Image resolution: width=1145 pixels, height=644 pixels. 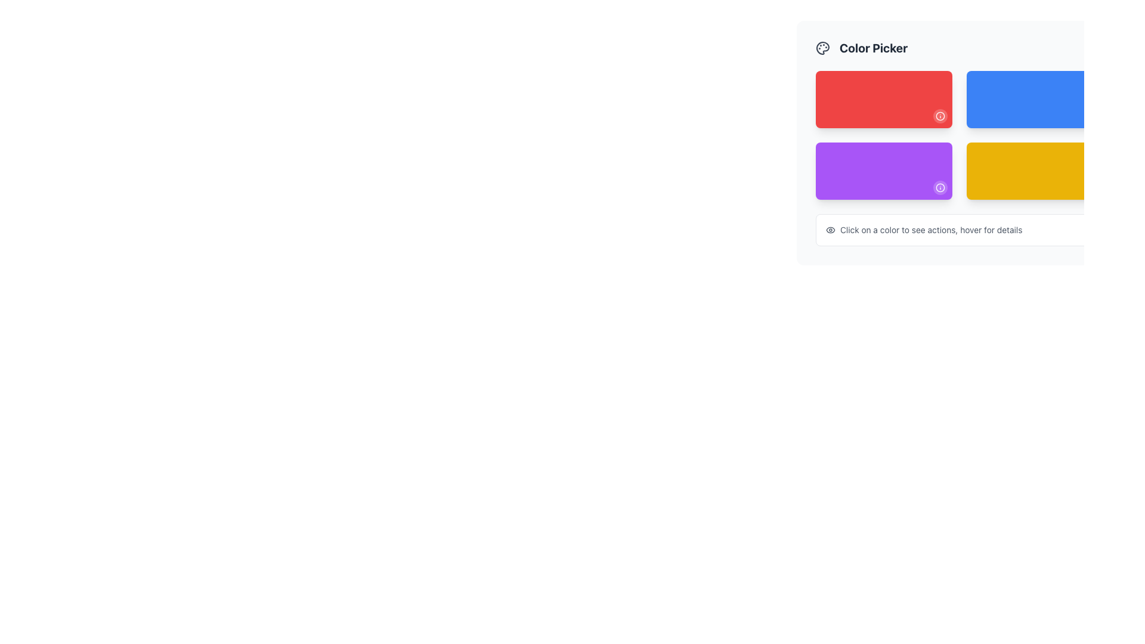 What do you see at coordinates (830, 230) in the screenshot?
I see `the visibility settings icon located to the left of the text 'Click on a color` at bounding box center [830, 230].